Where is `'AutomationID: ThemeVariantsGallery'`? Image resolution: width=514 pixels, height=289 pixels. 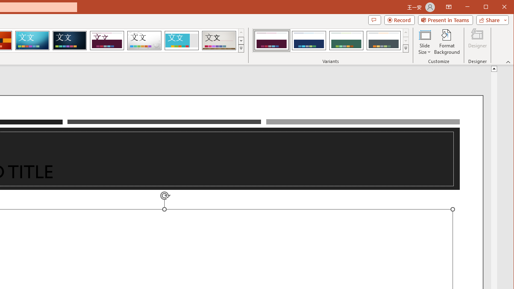 'AutomationID: ThemeVariantsGallery' is located at coordinates (331, 41).